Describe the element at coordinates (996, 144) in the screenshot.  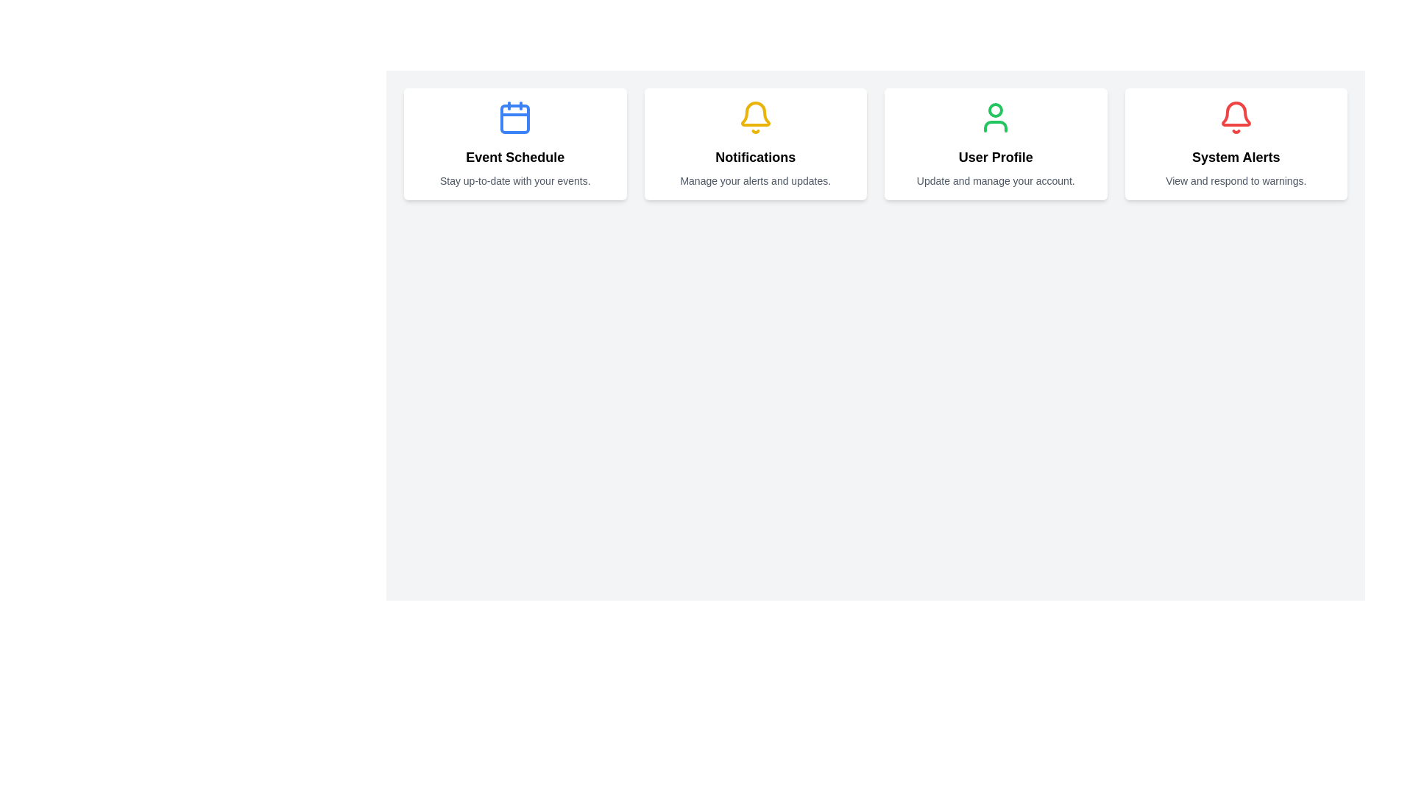
I see `the Informational Card which features a white background, rounded corners, and contains a green user avatar icon at the top with the text 'User Profile' and a description 'Update and manage your account.'` at that location.